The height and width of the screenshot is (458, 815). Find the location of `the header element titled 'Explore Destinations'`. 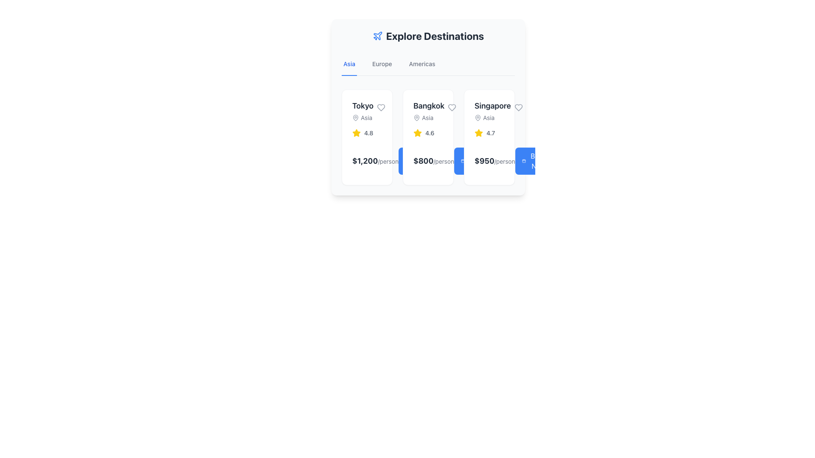

the header element titled 'Explore Destinations' is located at coordinates (428, 35).